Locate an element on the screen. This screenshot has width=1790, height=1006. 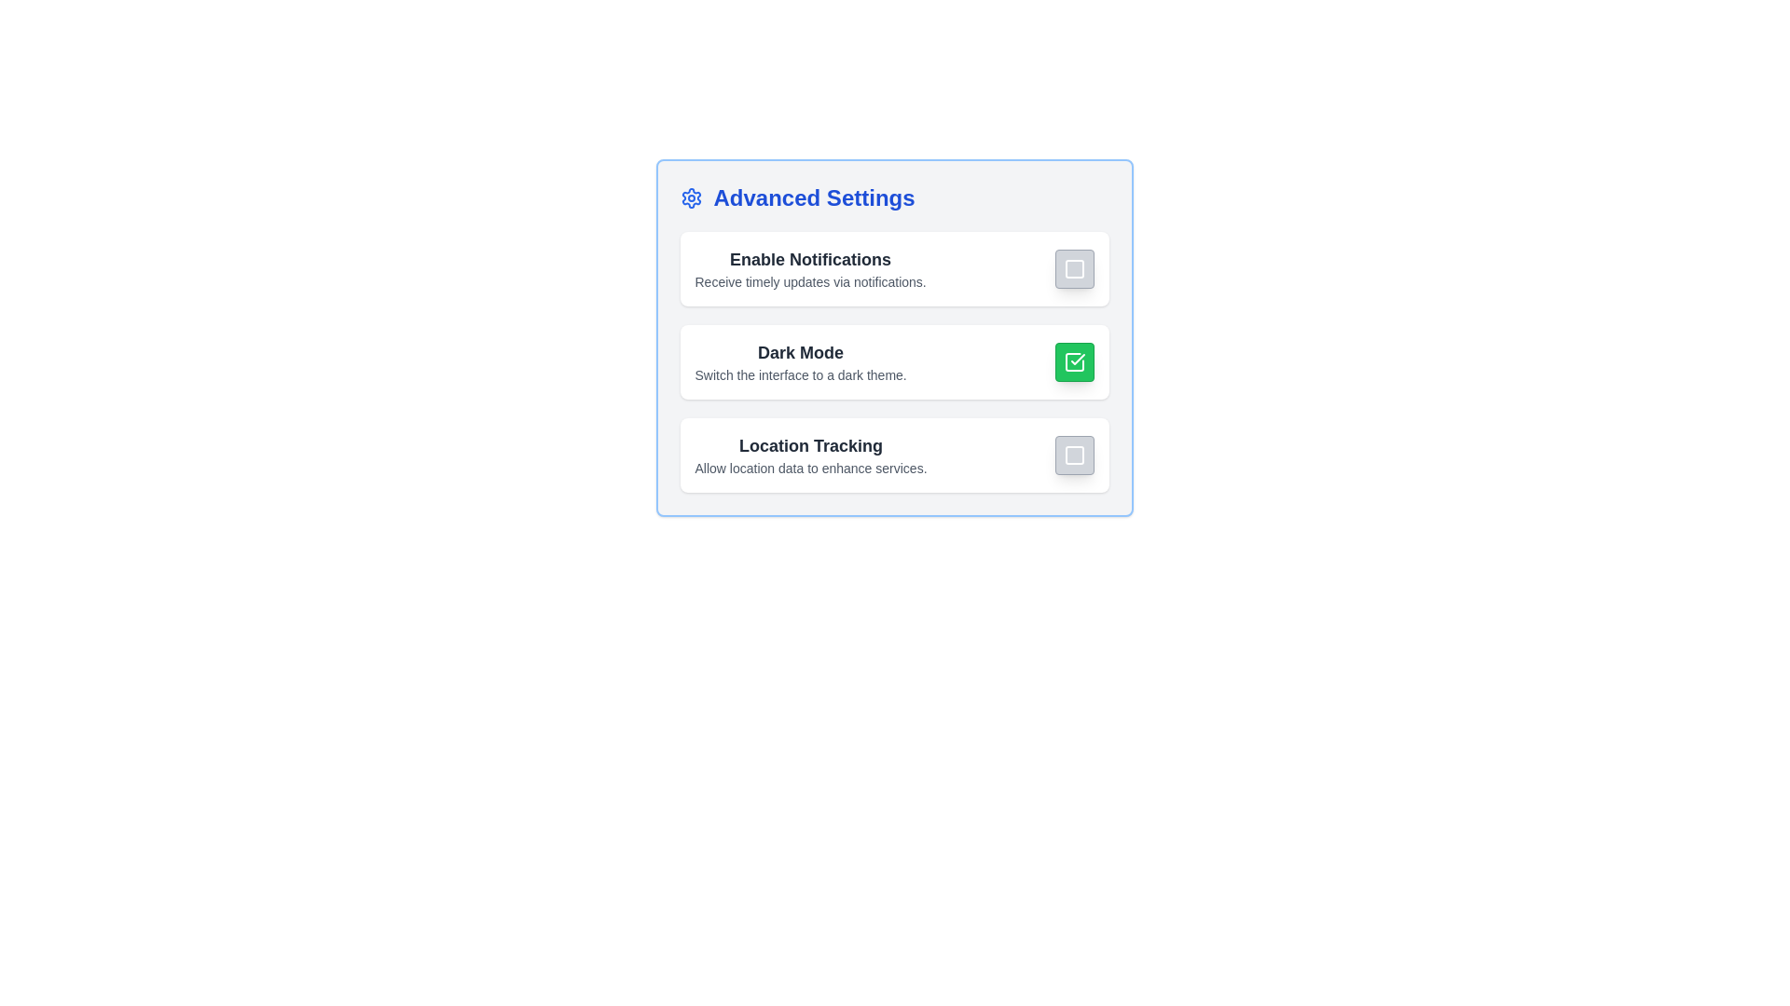
the green square button with rounded corners and a checkmark icon is located at coordinates (1074, 362).